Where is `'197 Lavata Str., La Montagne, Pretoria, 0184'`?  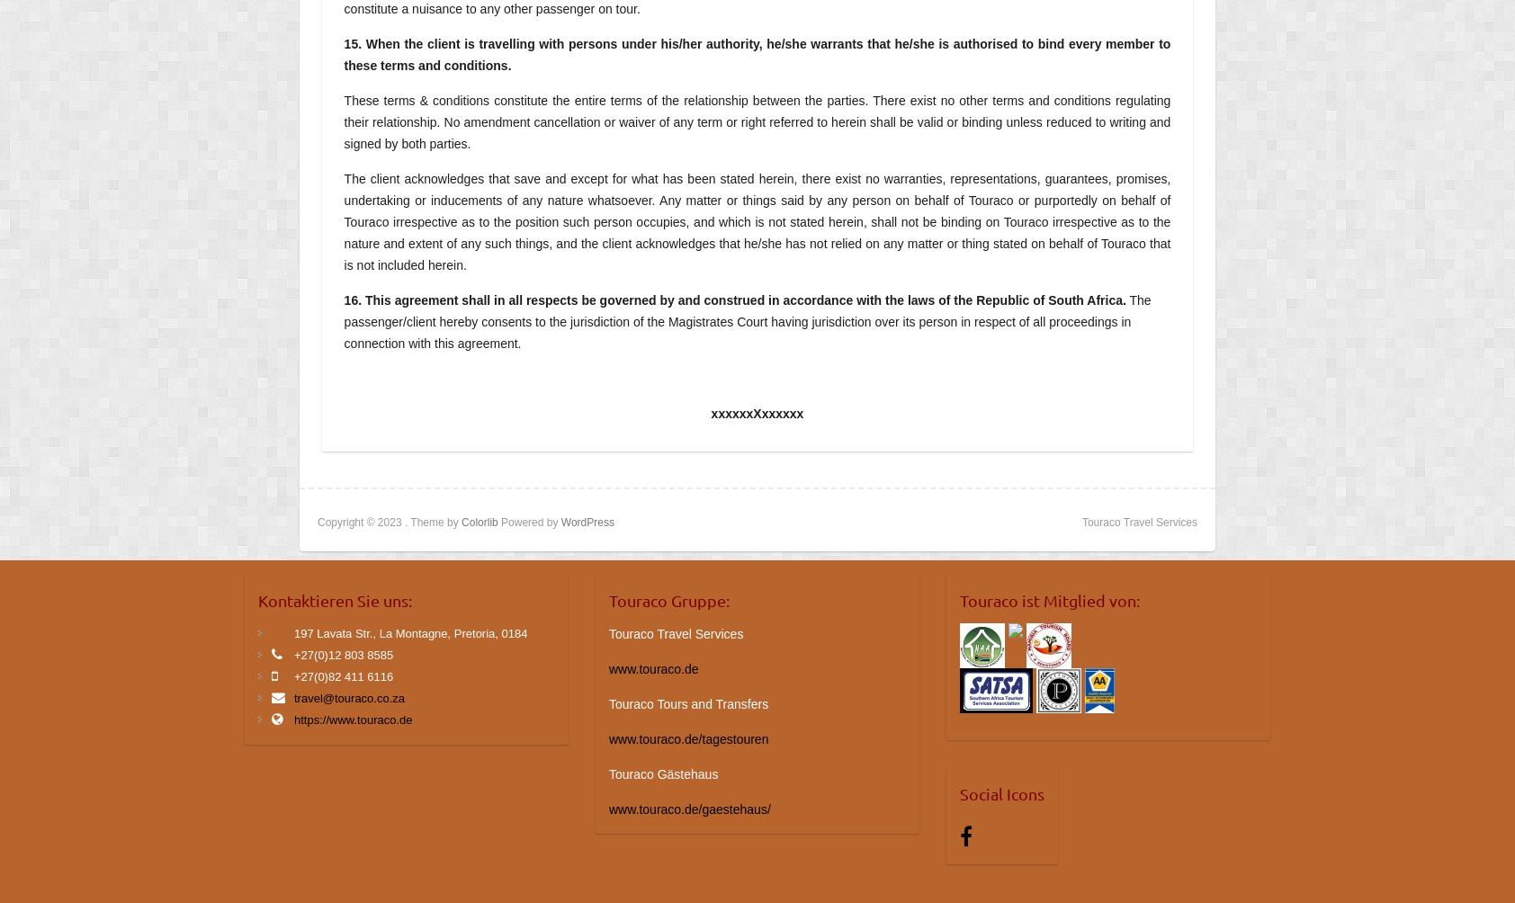
'197 Lavata Str., La Montagne, Pretoria, 0184' is located at coordinates (409, 631).